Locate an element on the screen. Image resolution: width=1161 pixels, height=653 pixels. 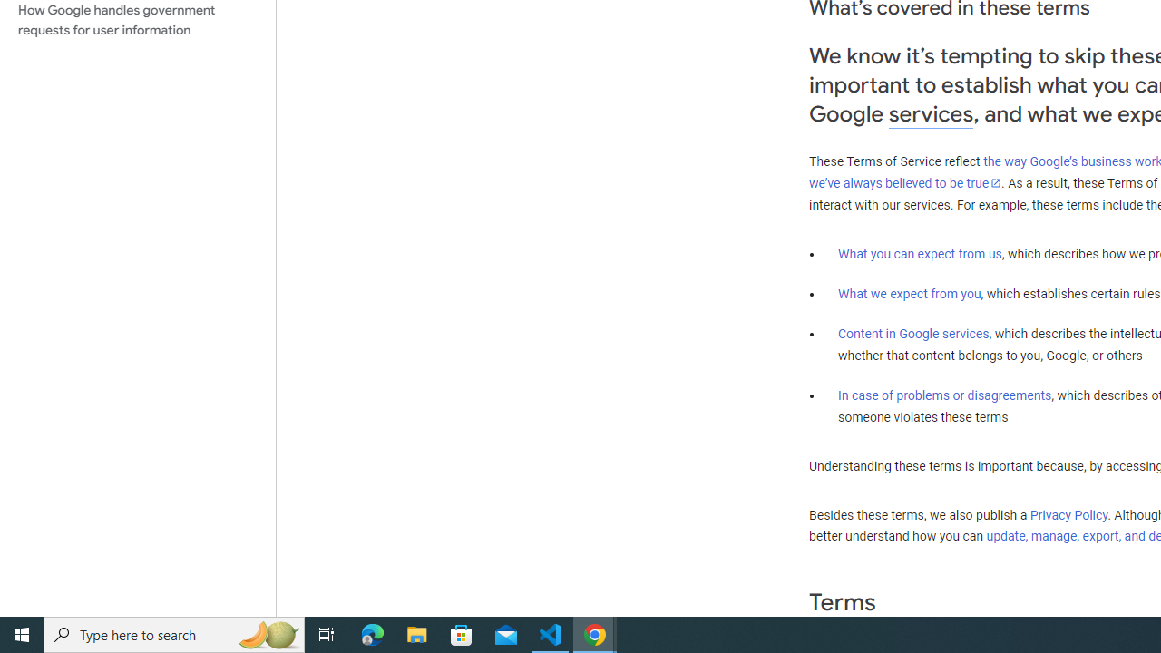
'What we expect from you' is located at coordinates (909, 293).